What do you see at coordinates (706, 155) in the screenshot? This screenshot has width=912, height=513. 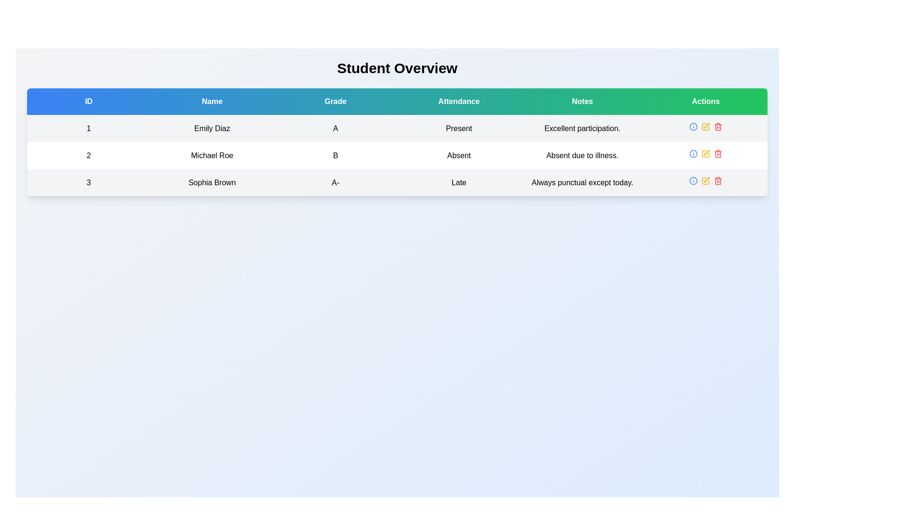 I see `the Icon Button located in the 'Actions' column of the second row corresponding to 'Michael Roe' to invoke the edit action` at bounding box center [706, 155].